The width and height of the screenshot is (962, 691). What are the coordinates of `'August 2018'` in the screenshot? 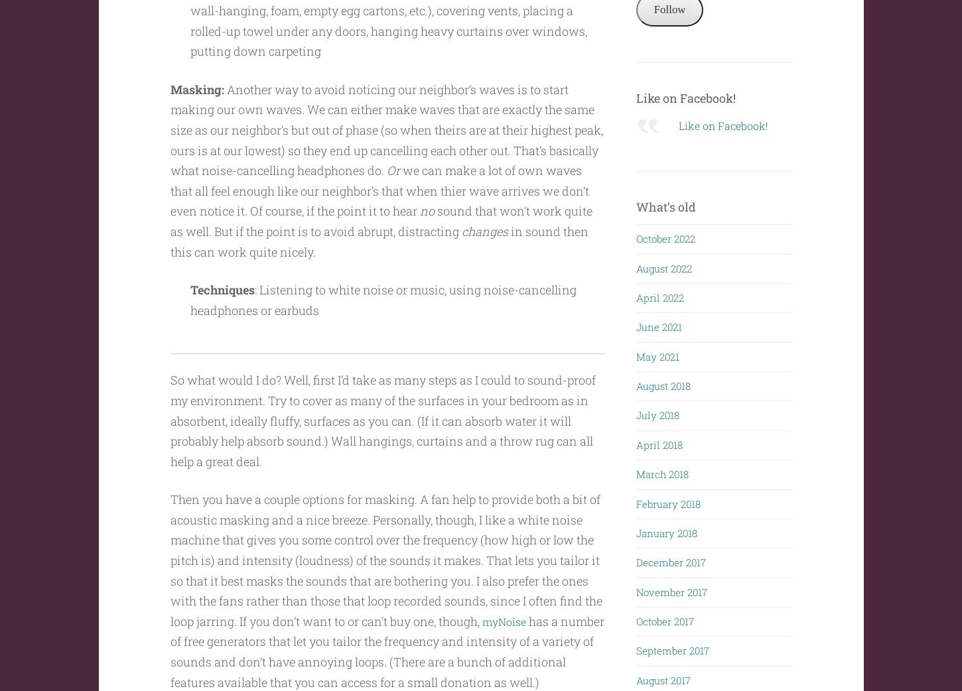 It's located at (663, 382).